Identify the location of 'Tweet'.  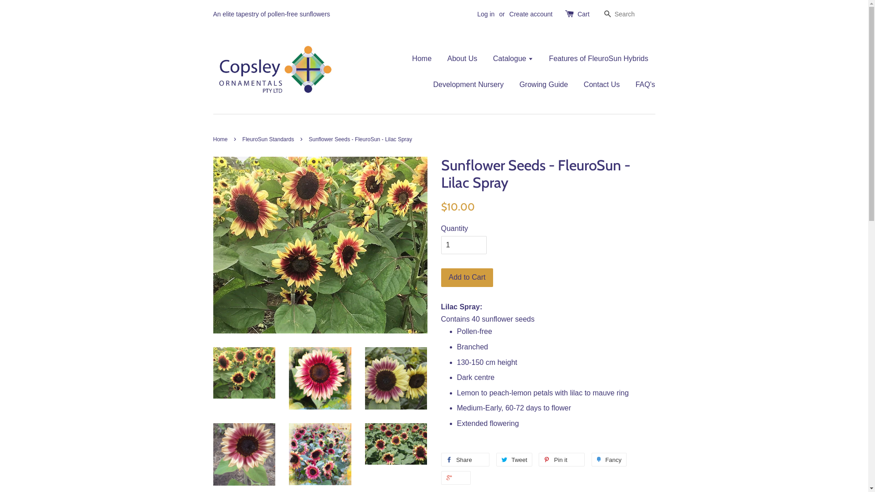
(496, 460).